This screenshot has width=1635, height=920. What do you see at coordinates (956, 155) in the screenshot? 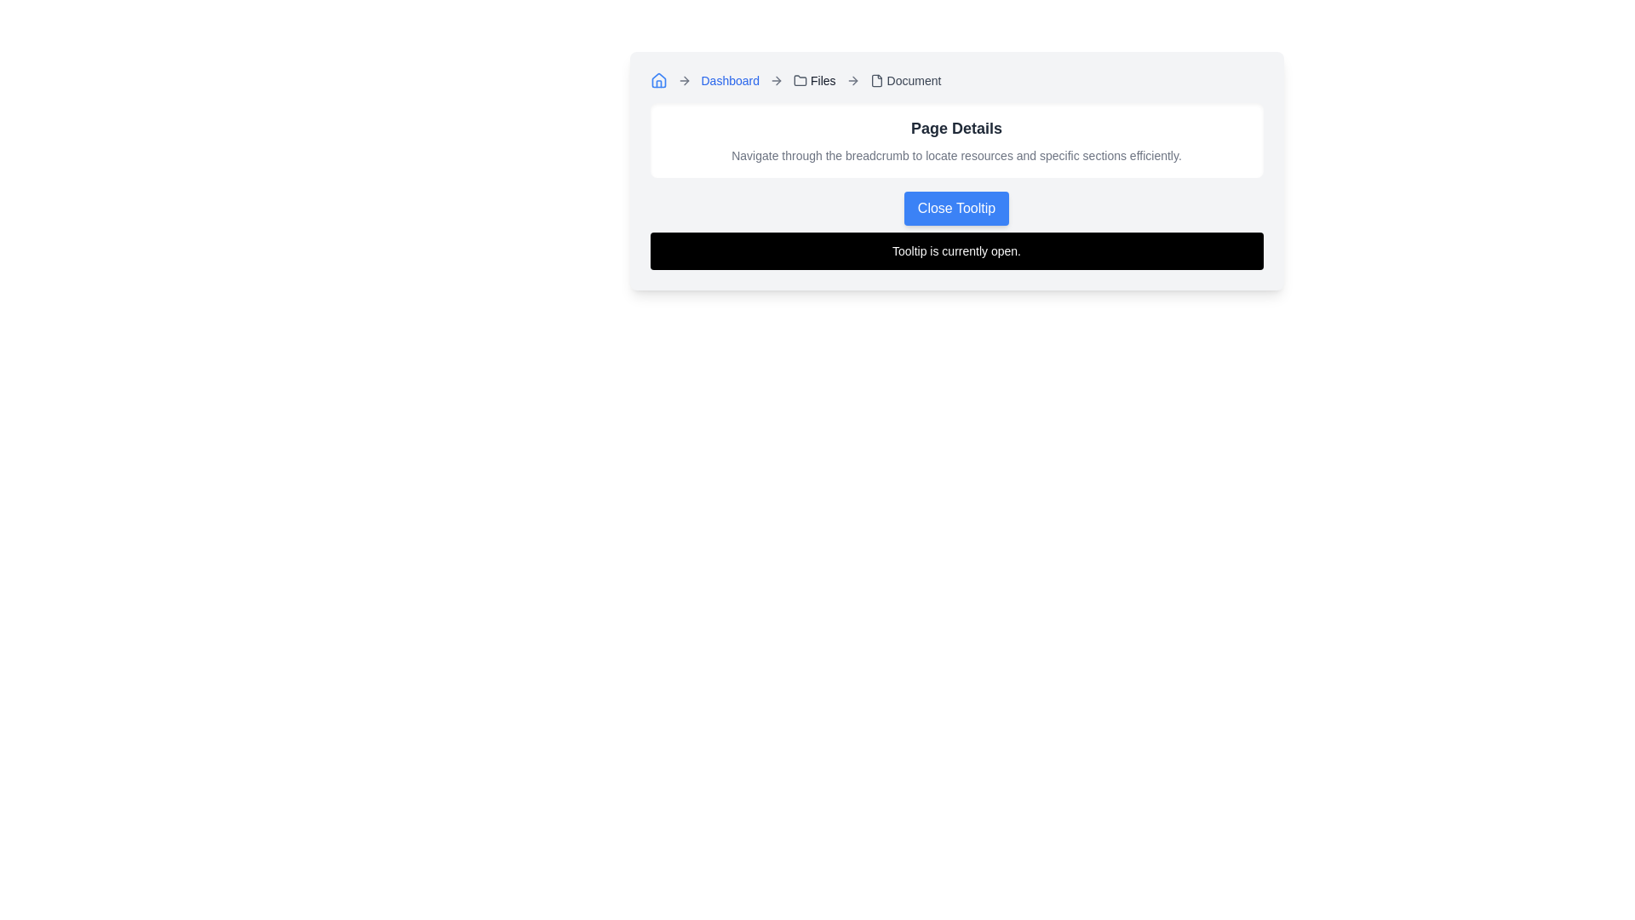
I see `the descriptive guide text element located directly below the header 'Page Details' and centered horizontally within the interface` at bounding box center [956, 155].